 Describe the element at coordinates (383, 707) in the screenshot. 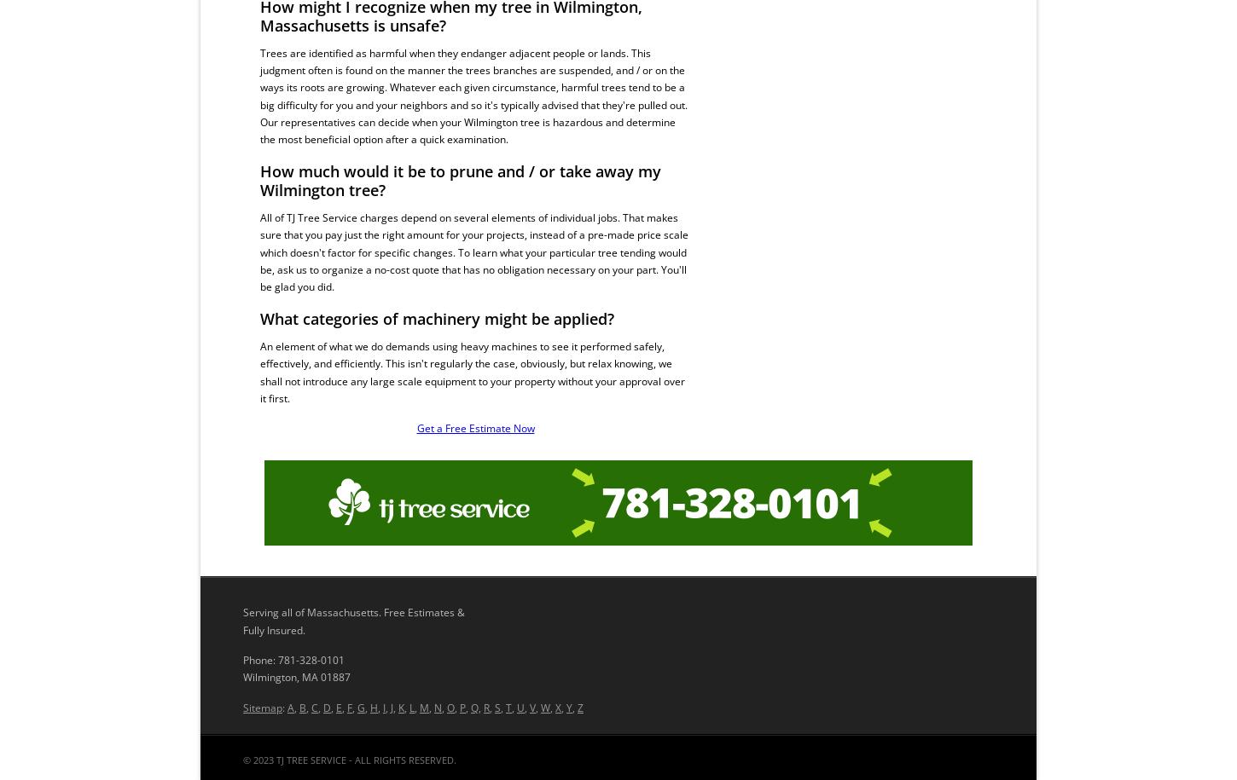

I see `'I'` at that location.